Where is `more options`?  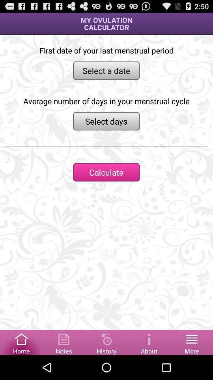 more options is located at coordinates (191, 342).